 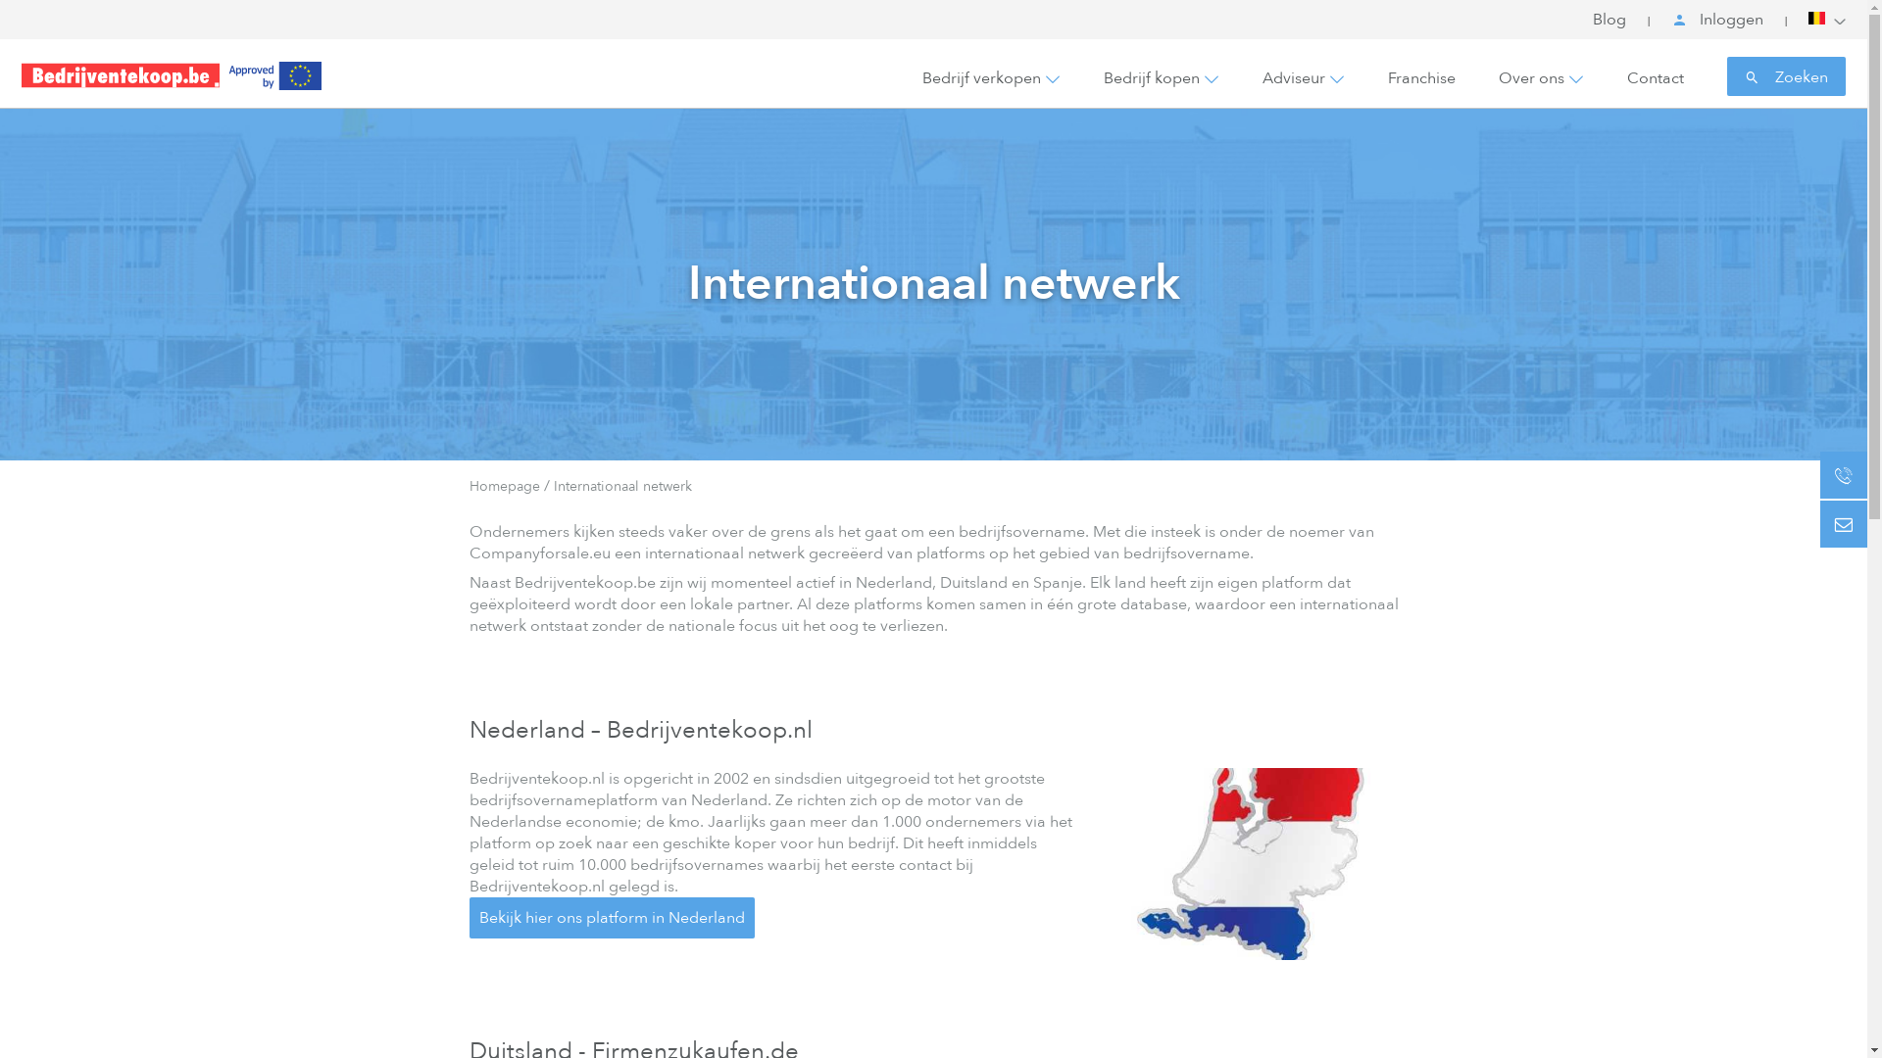 I want to click on 'Zoeken', so click(x=1786, y=74).